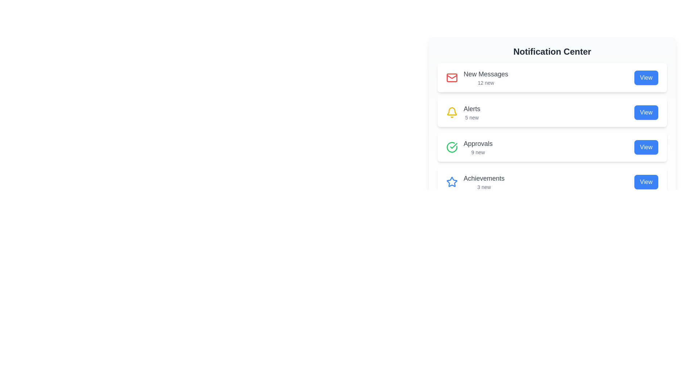 The width and height of the screenshot is (696, 391). I want to click on the star icon that represents the Achievements category in the notification center, located to the left of the 'Achievements' text, so click(452, 181).